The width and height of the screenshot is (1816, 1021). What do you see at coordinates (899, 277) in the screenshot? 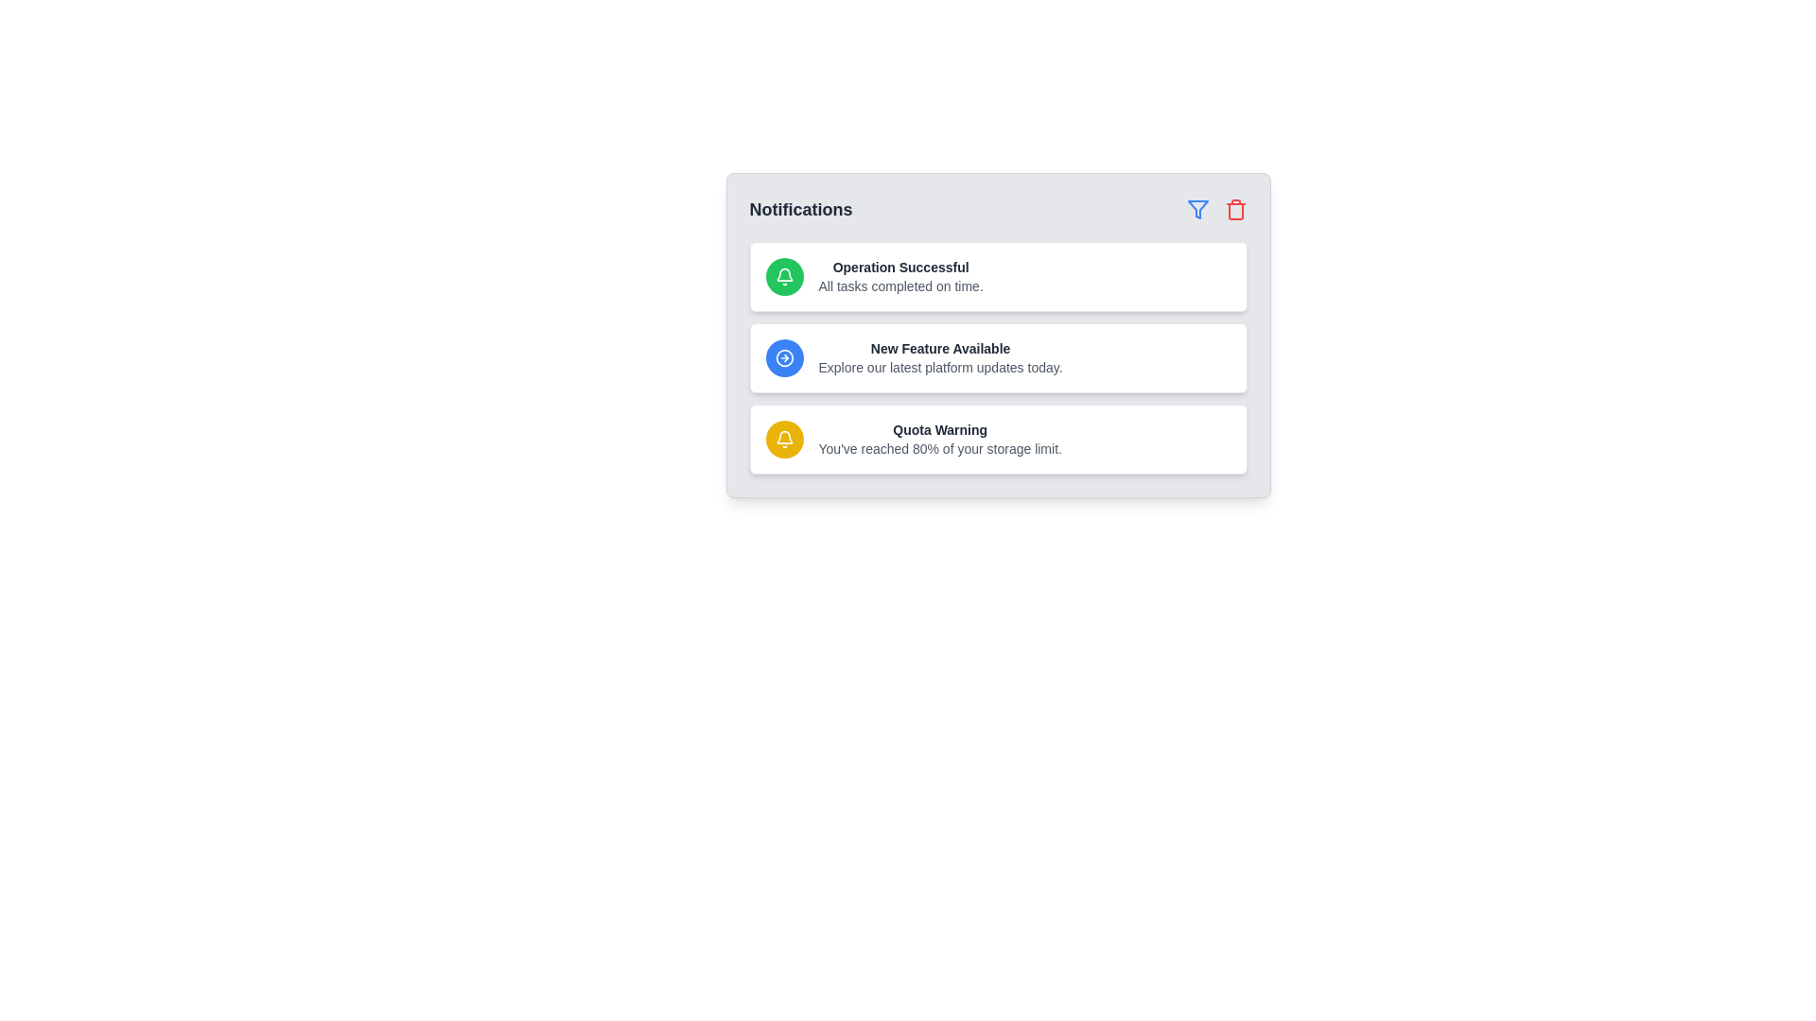
I see `the Notification text element that displays a message informing the user that all tasks have been successfully completed` at bounding box center [899, 277].